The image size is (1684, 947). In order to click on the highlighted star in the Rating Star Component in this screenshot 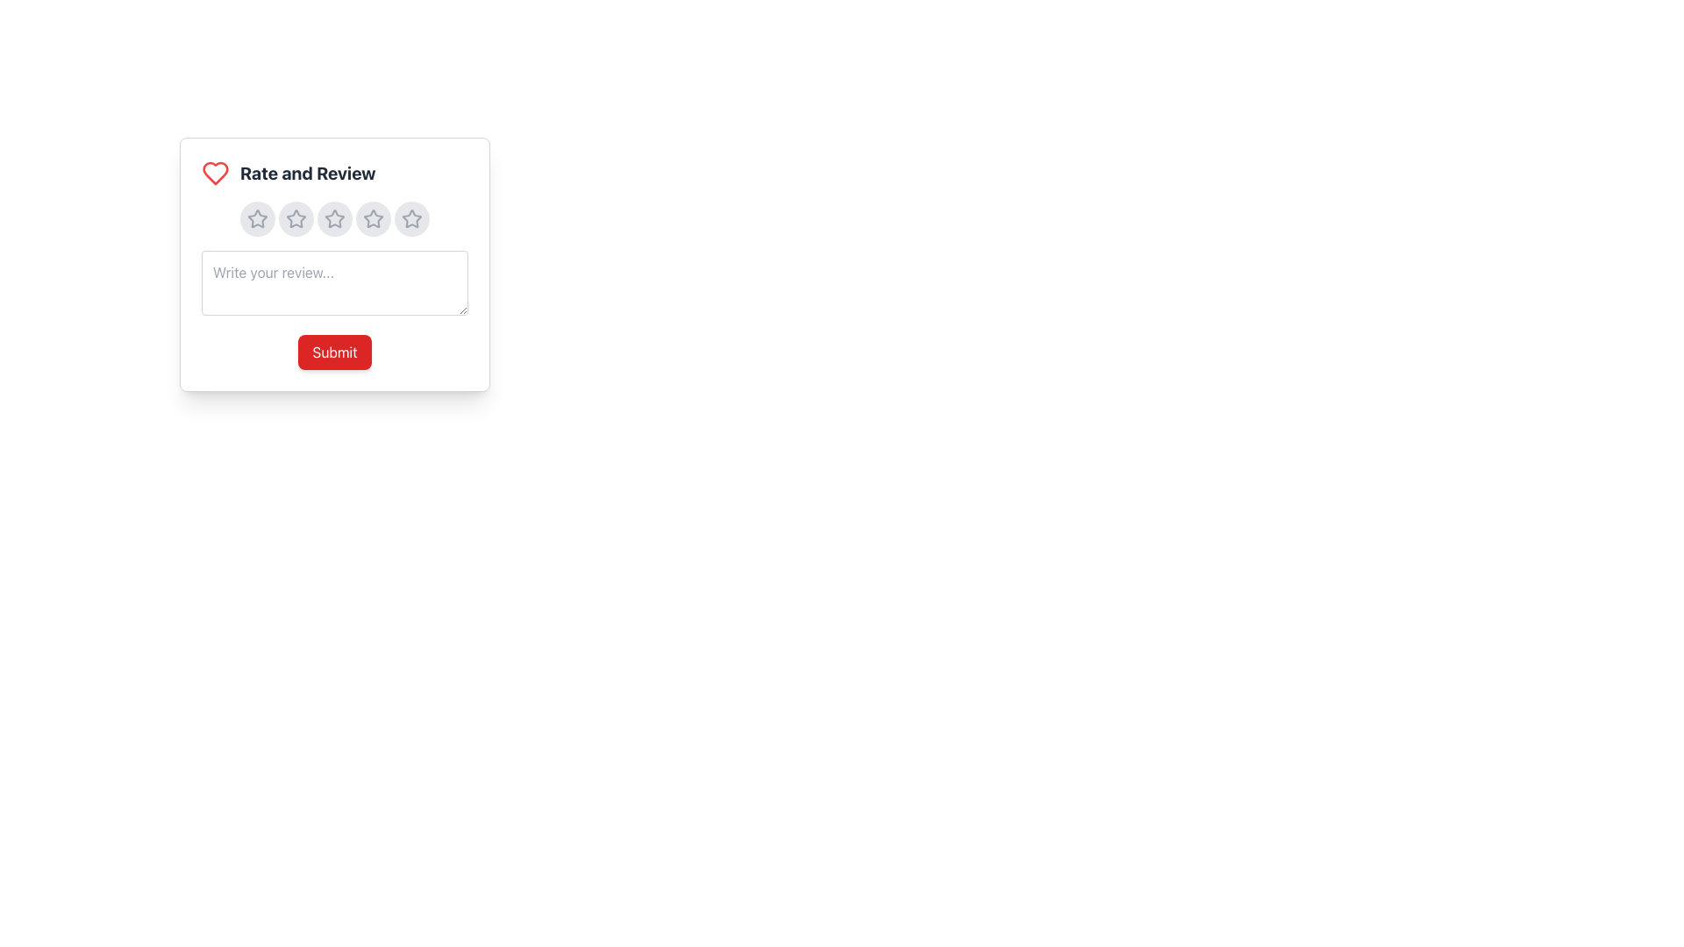, I will do `click(335, 218)`.